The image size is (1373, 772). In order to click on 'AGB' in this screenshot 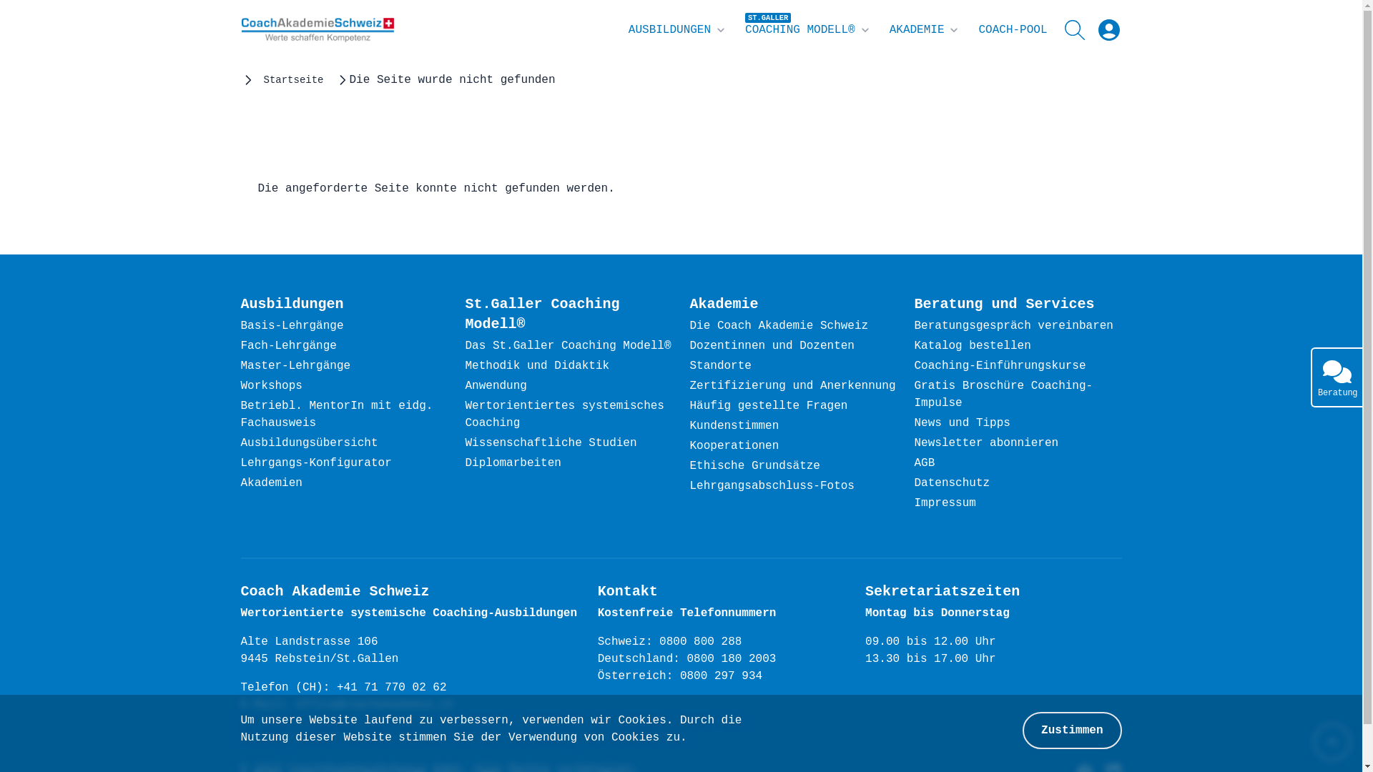, I will do `click(924, 463)`.